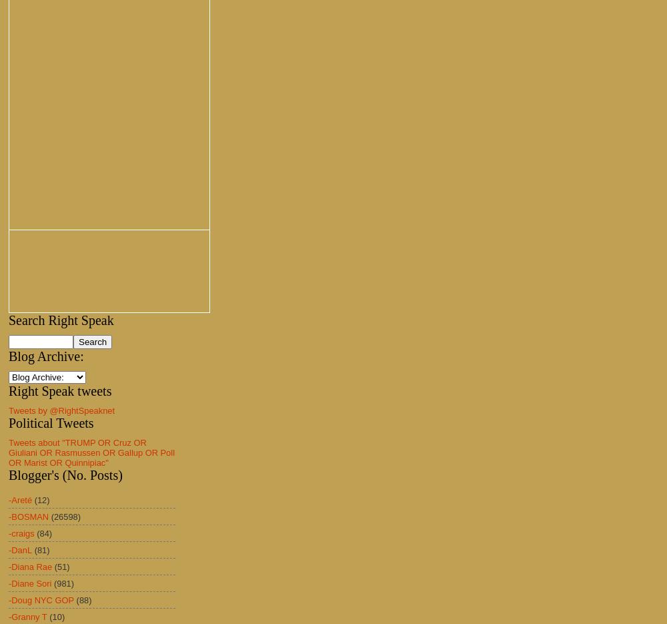 The image size is (667, 624). What do you see at coordinates (61, 410) in the screenshot?
I see `'Tweets by @RightSpeaknet'` at bounding box center [61, 410].